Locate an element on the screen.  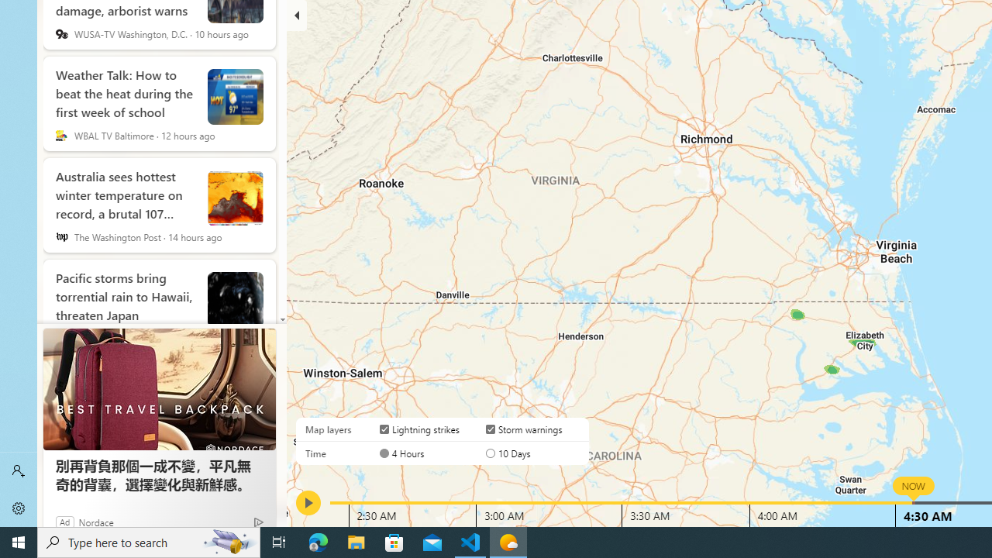
'File Explorer' is located at coordinates (356, 541).